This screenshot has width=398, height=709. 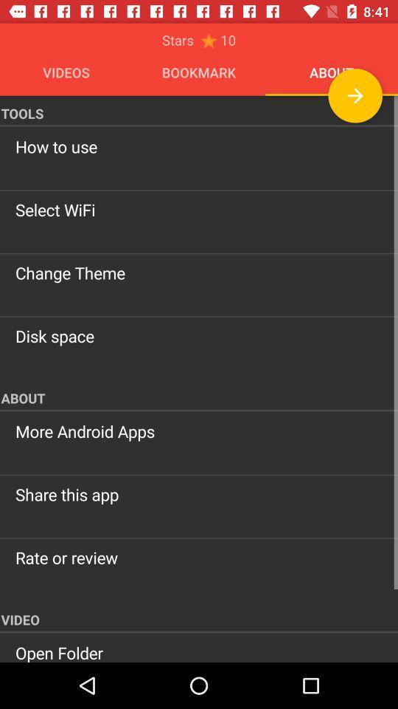 What do you see at coordinates (199, 110) in the screenshot?
I see `the icon below videos icon` at bounding box center [199, 110].